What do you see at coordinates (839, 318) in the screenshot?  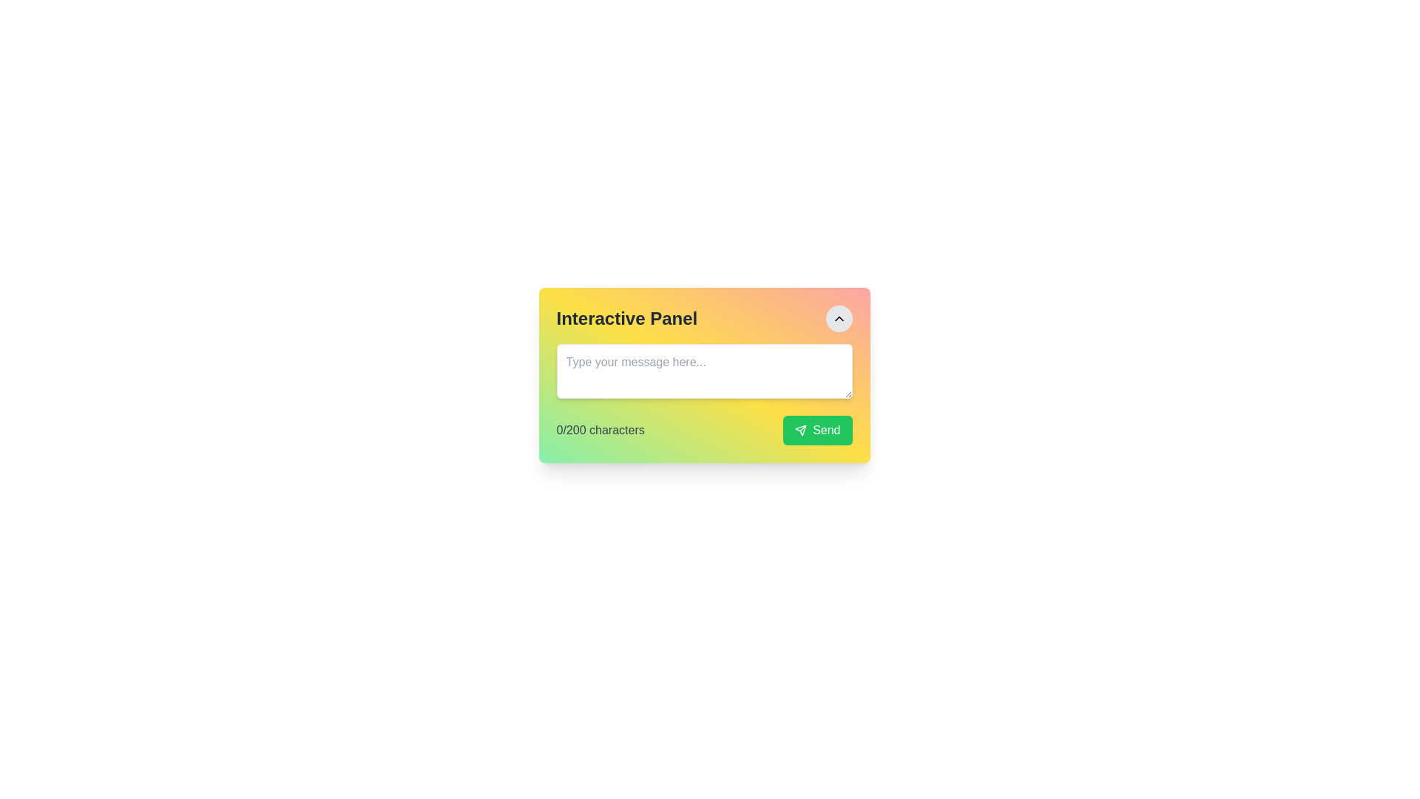 I see `the interactive toggle button located in the top right corner of the 'Interactive Panel'` at bounding box center [839, 318].